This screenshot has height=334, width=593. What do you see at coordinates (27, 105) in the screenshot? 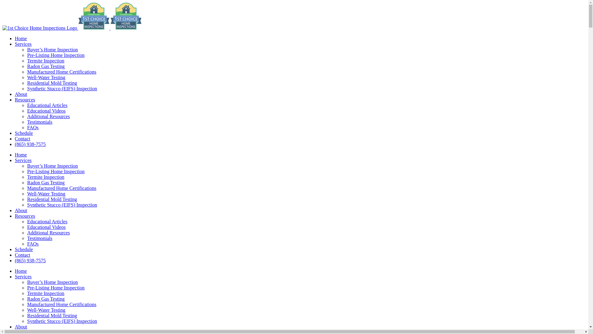
I see `'Educational Articles'` at bounding box center [27, 105].